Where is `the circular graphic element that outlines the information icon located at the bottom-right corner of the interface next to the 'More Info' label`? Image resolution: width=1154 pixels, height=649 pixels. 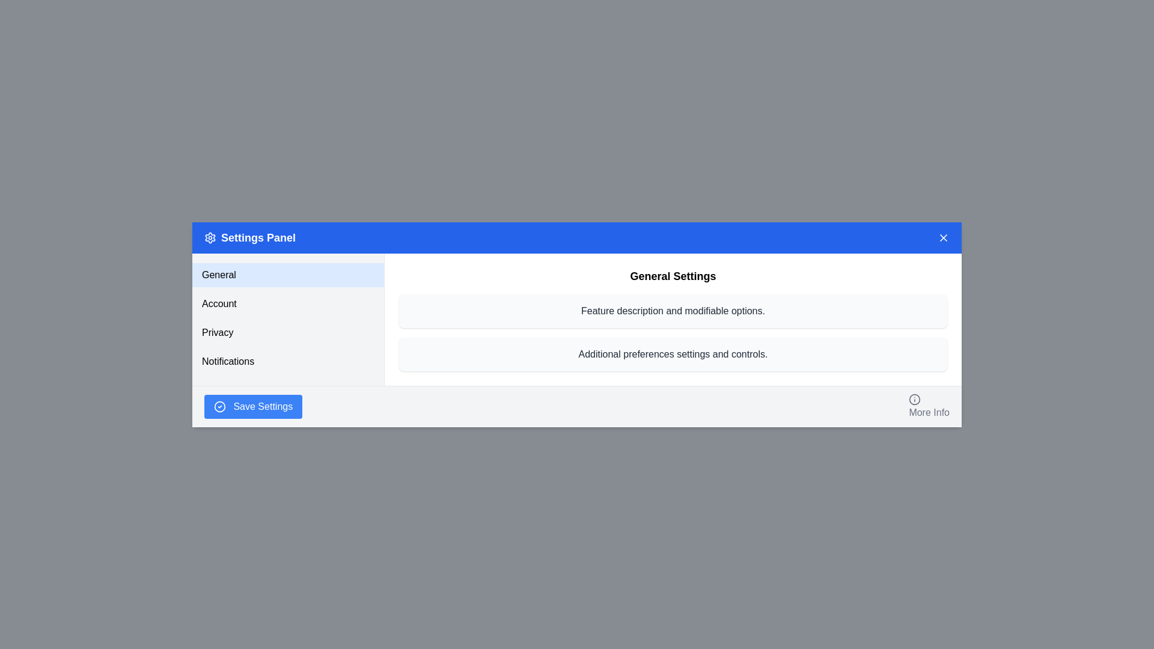
the circular graphic element that outlines the information icon located at the bottom-right corner of the interface next to the 'More Info' label is located at coordinates (914, 399).